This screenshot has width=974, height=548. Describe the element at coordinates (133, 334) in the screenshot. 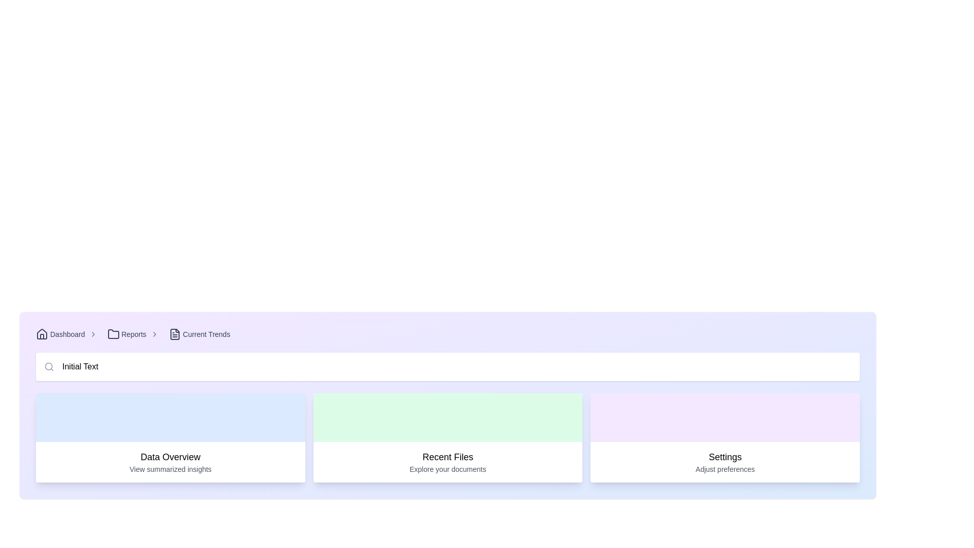

I see `the static text label 'Reports' in the breadcrumb navigation bar, which is styled in a lighter shade of purple and positioned between 'Dashboard' and 'Current Trends'` at that location.